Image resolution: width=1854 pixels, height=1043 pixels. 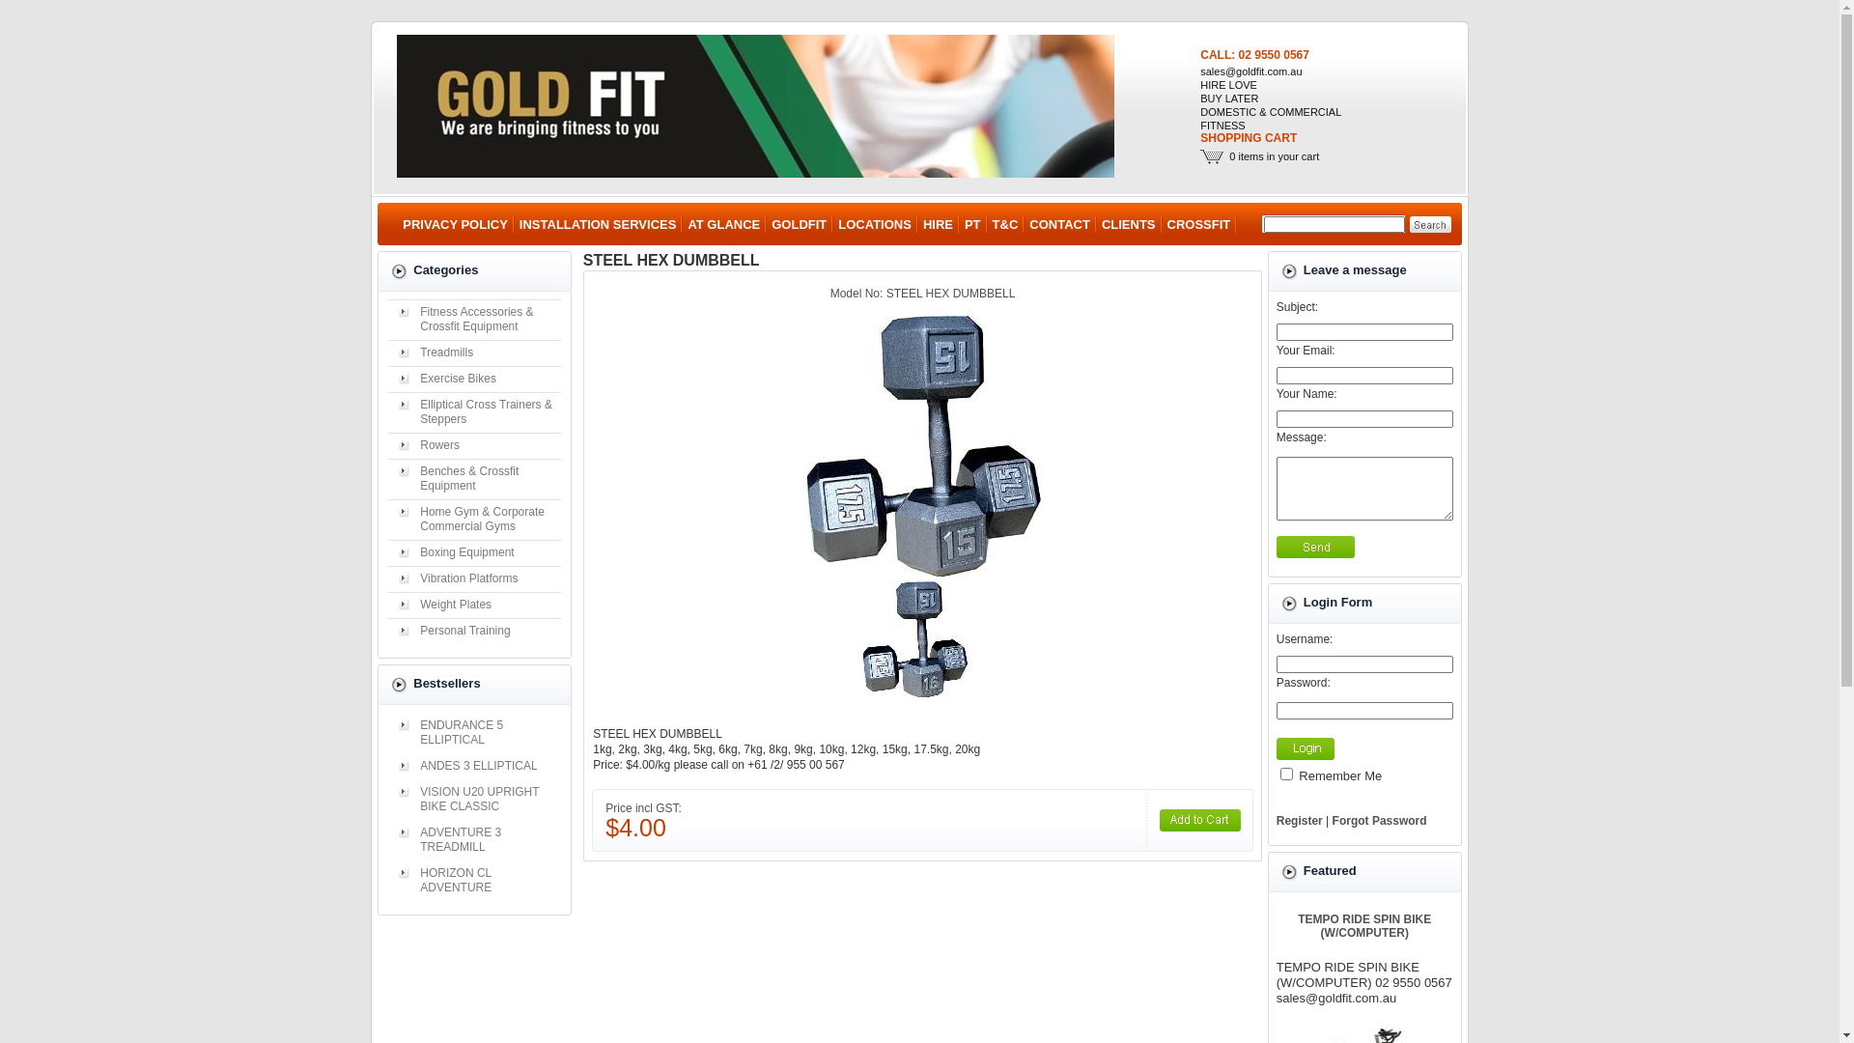 I want to click on 'CONTACT', so click(x=1058, y=222).